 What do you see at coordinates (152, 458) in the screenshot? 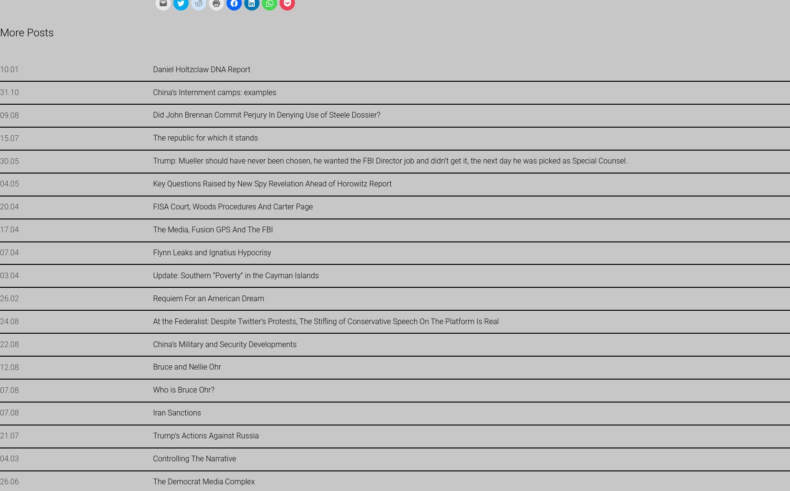
I see `'Controlling The Narrative'` at bounding box center [152, 458].